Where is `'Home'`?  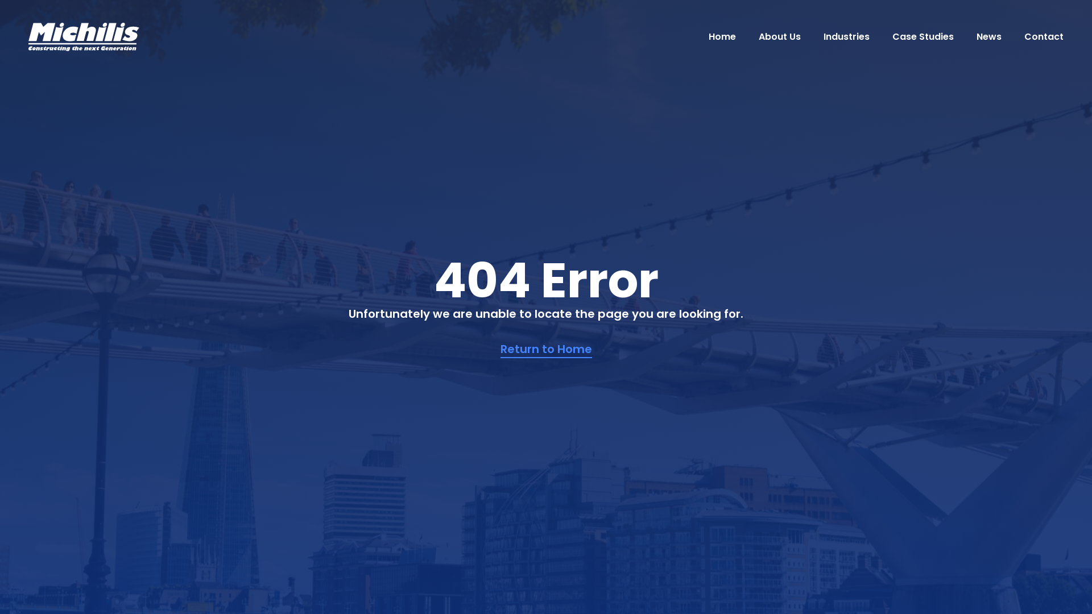
'Home' is located at coordinates (722, 36).